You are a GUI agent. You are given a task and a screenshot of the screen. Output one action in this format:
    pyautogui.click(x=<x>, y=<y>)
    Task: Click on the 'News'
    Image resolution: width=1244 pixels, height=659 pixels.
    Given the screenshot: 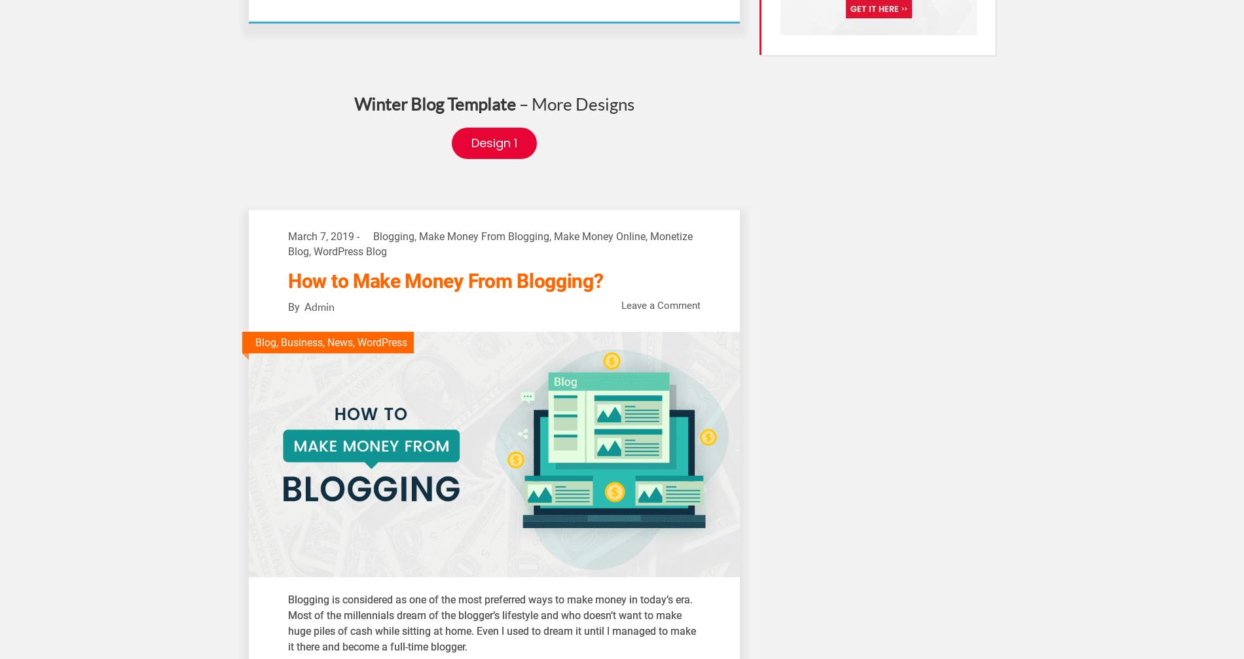 What is the action you would take?
    pyautogui.click(x=327, y=341)
    